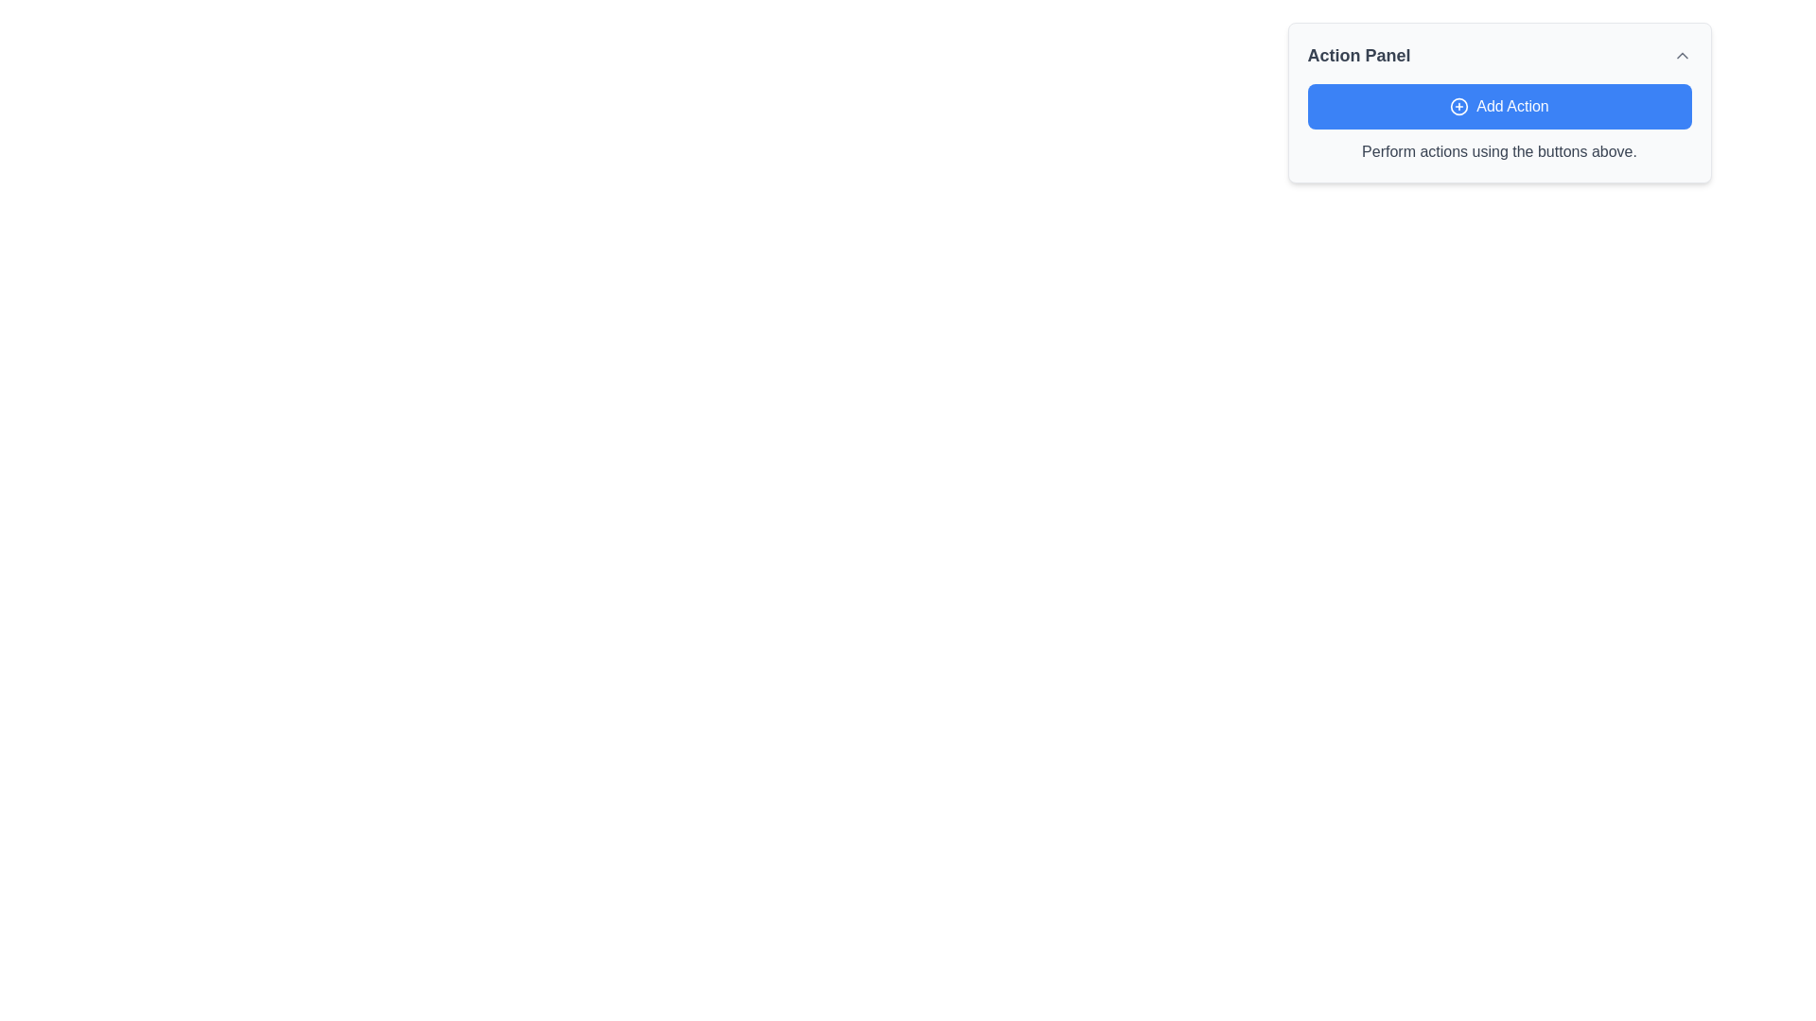  Describe the element at coordinates (1682, 54) in the screenshot. I see `the Icon button (upward arrow) located in the top-right corner to the right of 'Action Panel' for additional information or styling effects` at that location.